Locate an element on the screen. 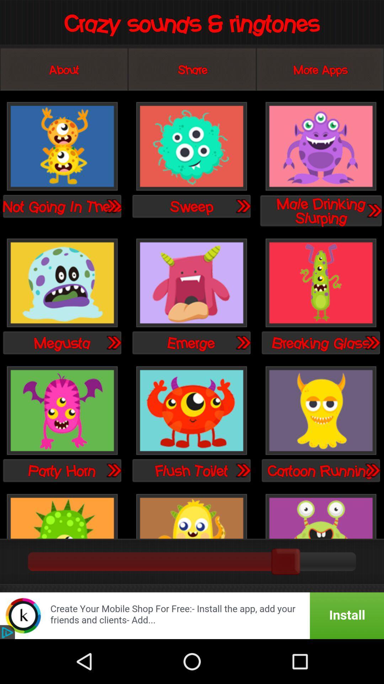 The width and height of the screenshot is (384, 684). try ringtone is located at coordinates (242, 342).